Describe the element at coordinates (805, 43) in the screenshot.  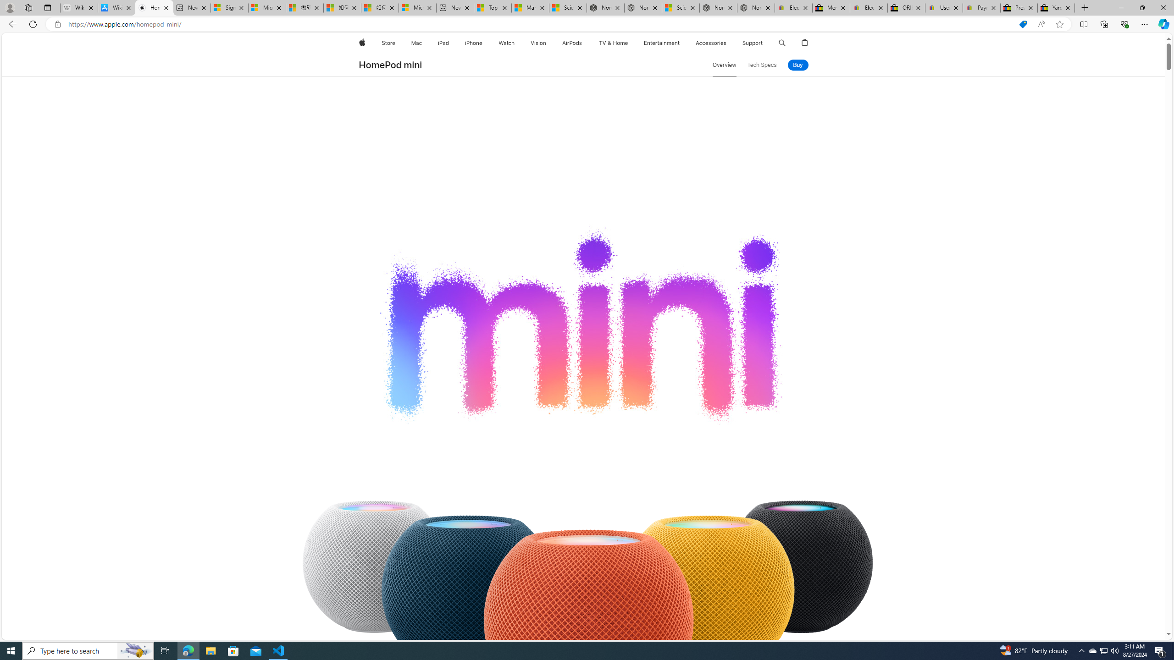
I see `'AutomationID: globalnav-bag'` at that location.